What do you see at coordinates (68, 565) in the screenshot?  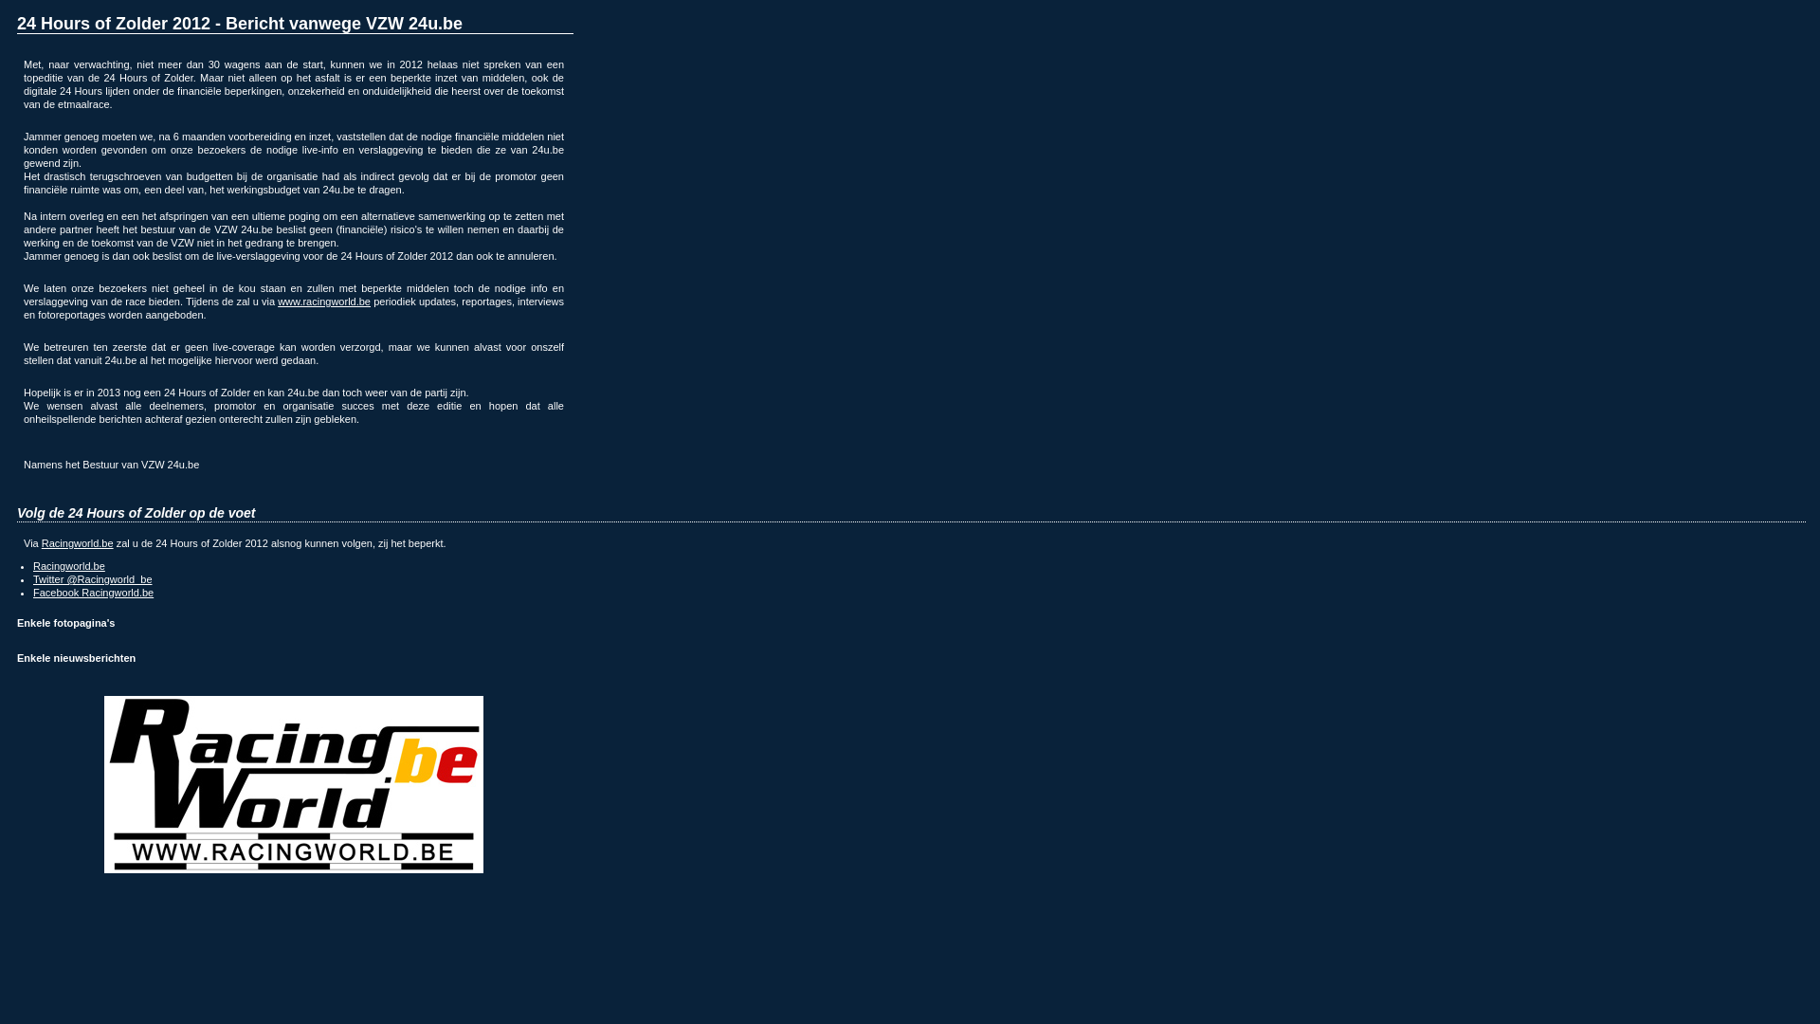 I see `'Racingworld.be'` at bounding box center [68, 565].